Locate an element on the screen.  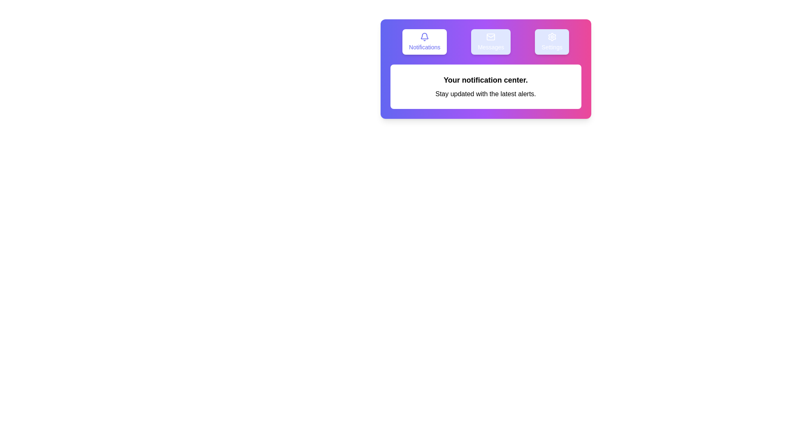
the bell-shaped icon for notifications located at the top-left of the card interface is located at coordinates (425, 36).